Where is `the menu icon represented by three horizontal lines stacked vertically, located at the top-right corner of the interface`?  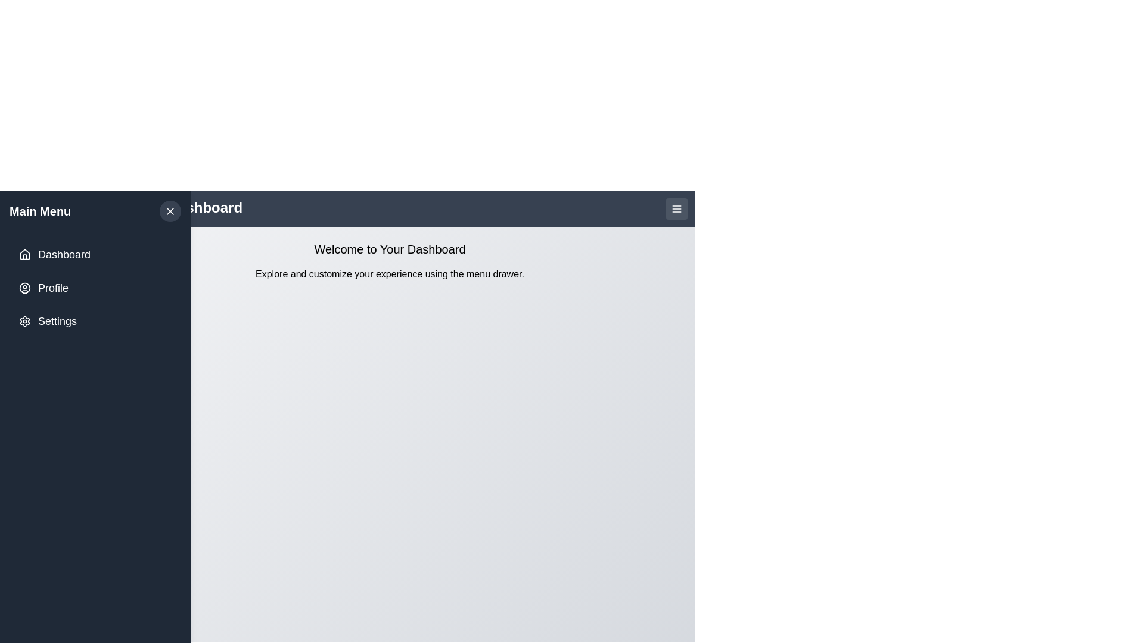
the menu icon represented by three horizontal lines stacked vertically, located at the top-right corner of the interface is located at coordinates (677, 208).